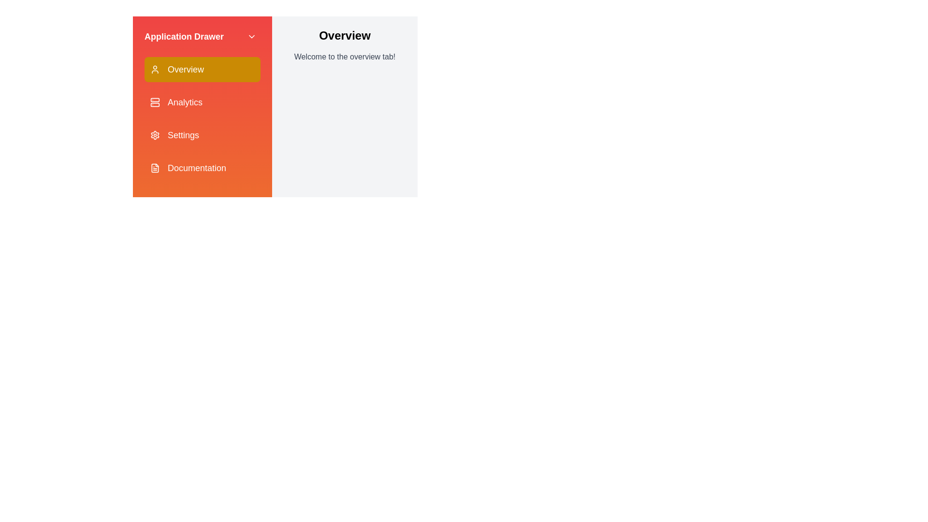 The width and height of the screenshot is (928, 522). Describe the element at coordinates (202, 167) in the screenshot. I see `the tab labeled Documentation in the drawer to select it` at that location.